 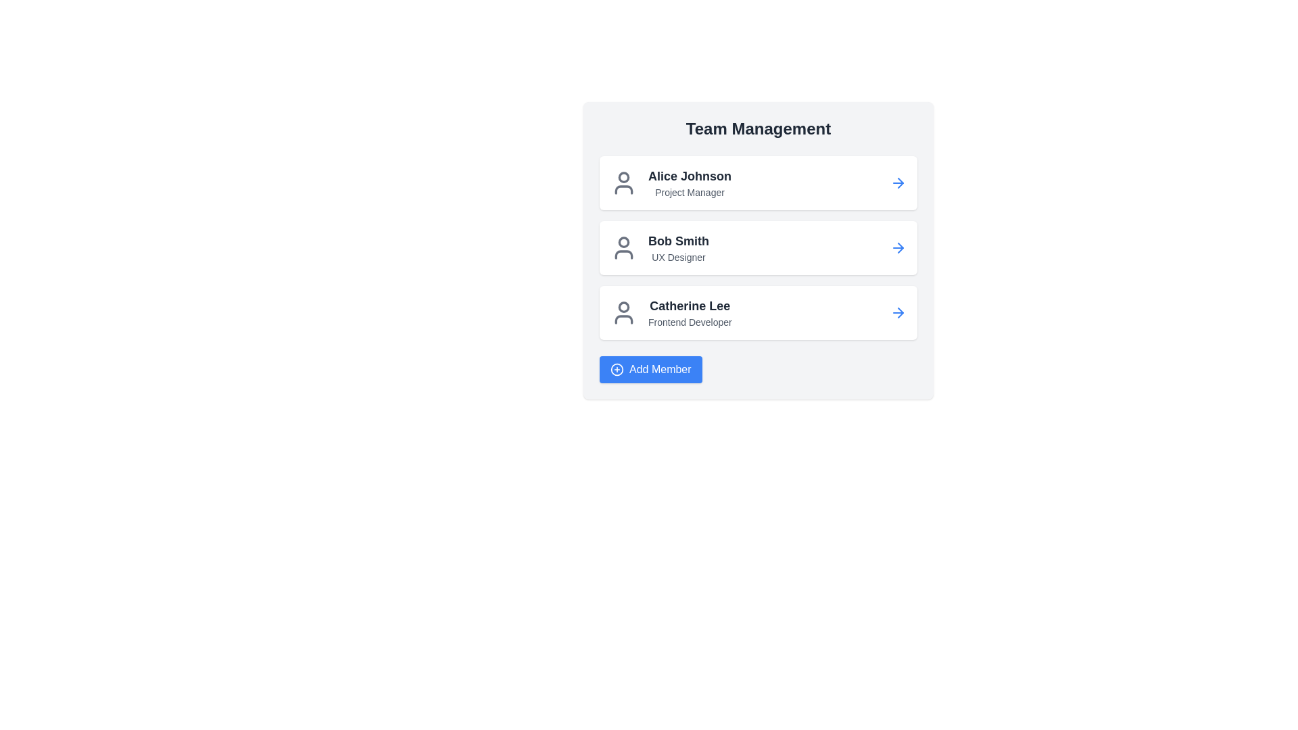 I want to click on information displayed in the Text Display with Contextual Icon that shows 'Bob Smith' and 'UX Designer' under the 'Team Management' heading, so click(x=659, y=247).